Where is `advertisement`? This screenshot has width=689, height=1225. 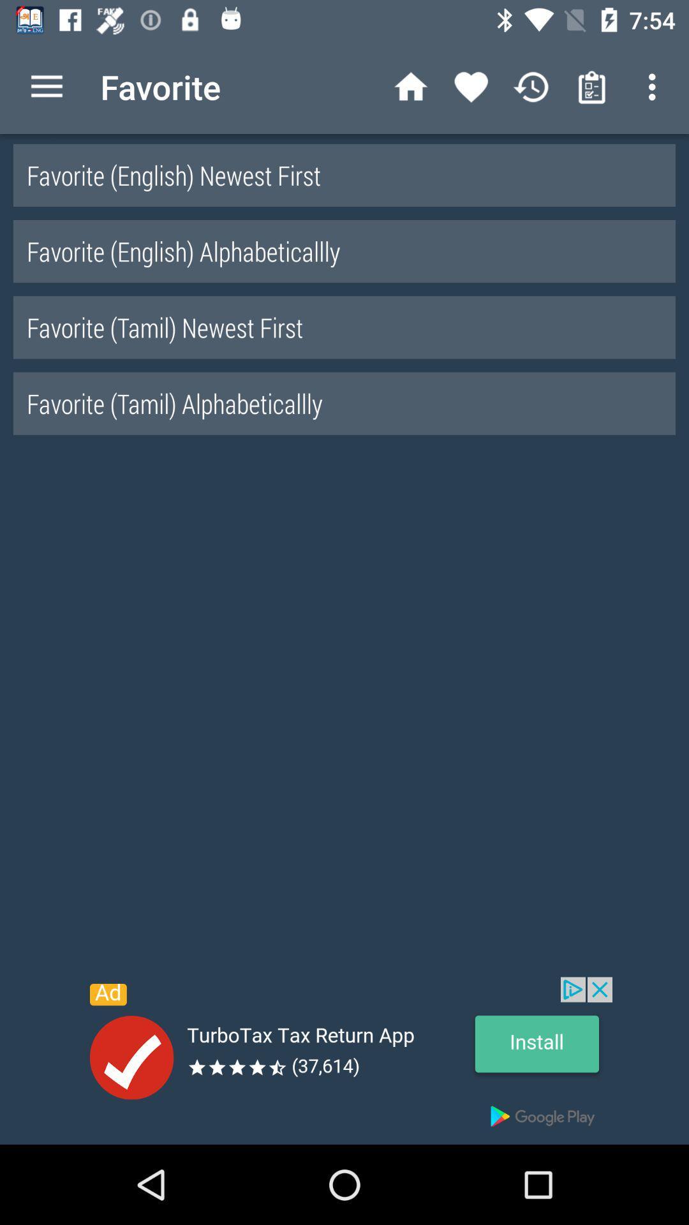
advertisement is located at coordinates (344, 1060).